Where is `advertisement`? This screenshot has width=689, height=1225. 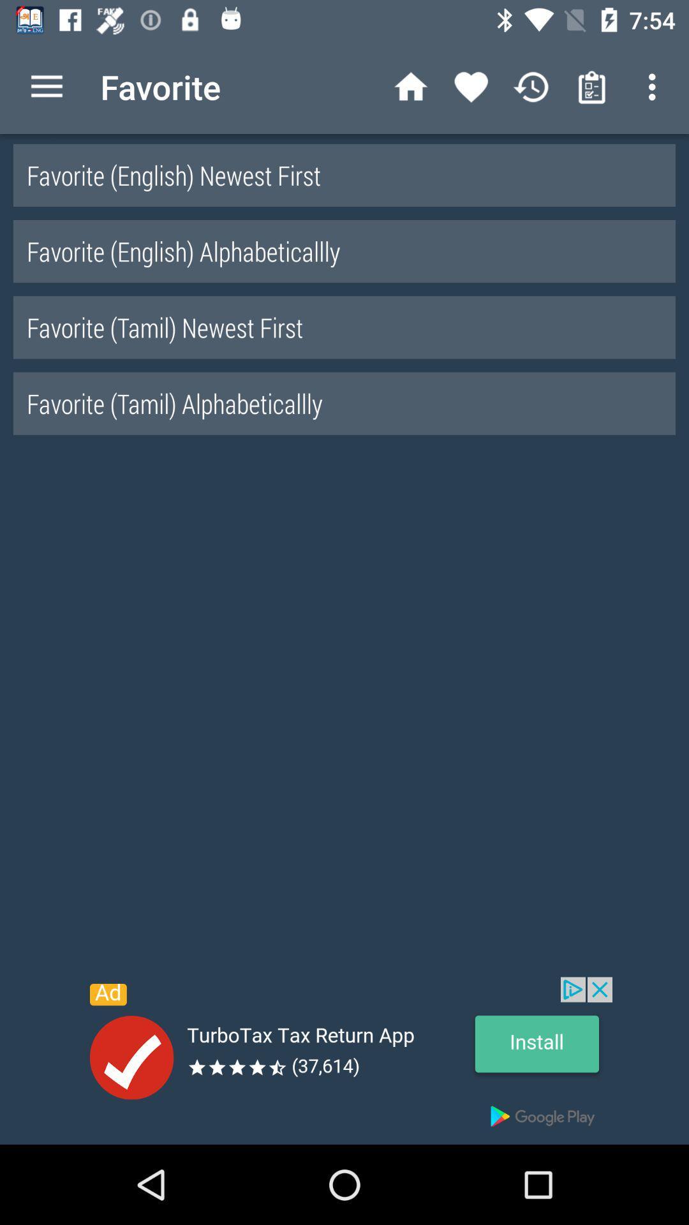
advertisement is located at coordinates (344, 1060).